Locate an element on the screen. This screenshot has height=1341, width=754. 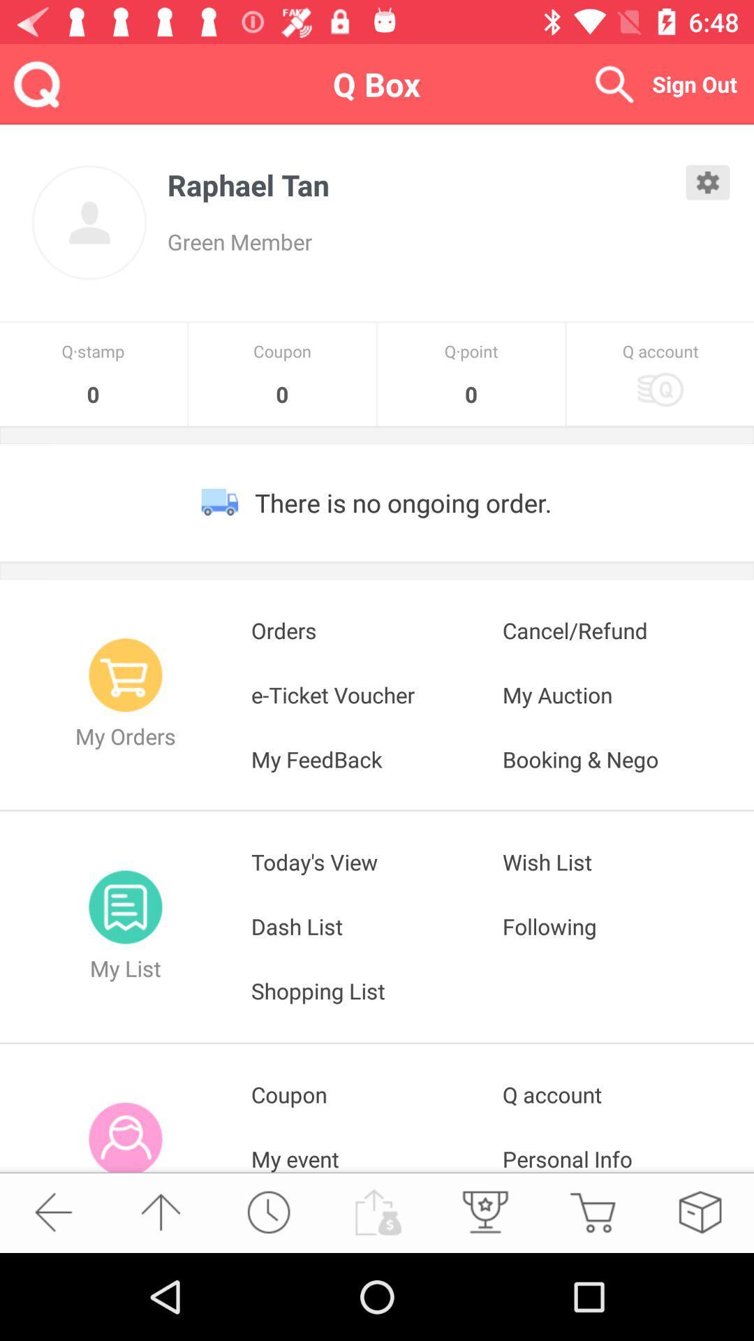
item below the my event icon is located at coordinates (376, 1211).